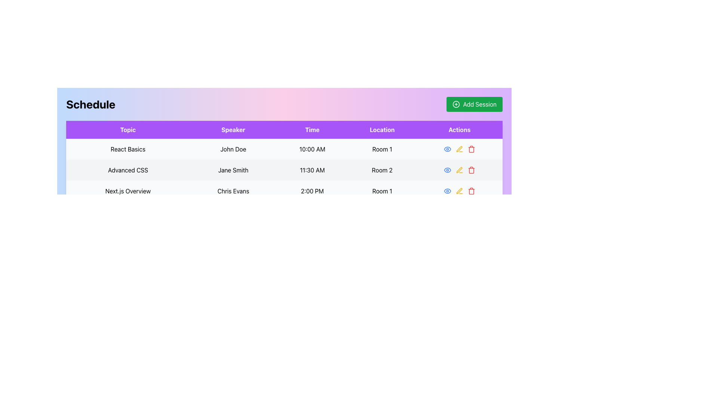 This screenshot has width=718, height=404. I want to click on the trash icon button located in the 'Actions' column of the second row corresponding to 'Advanced CSS', so click(471, 171).